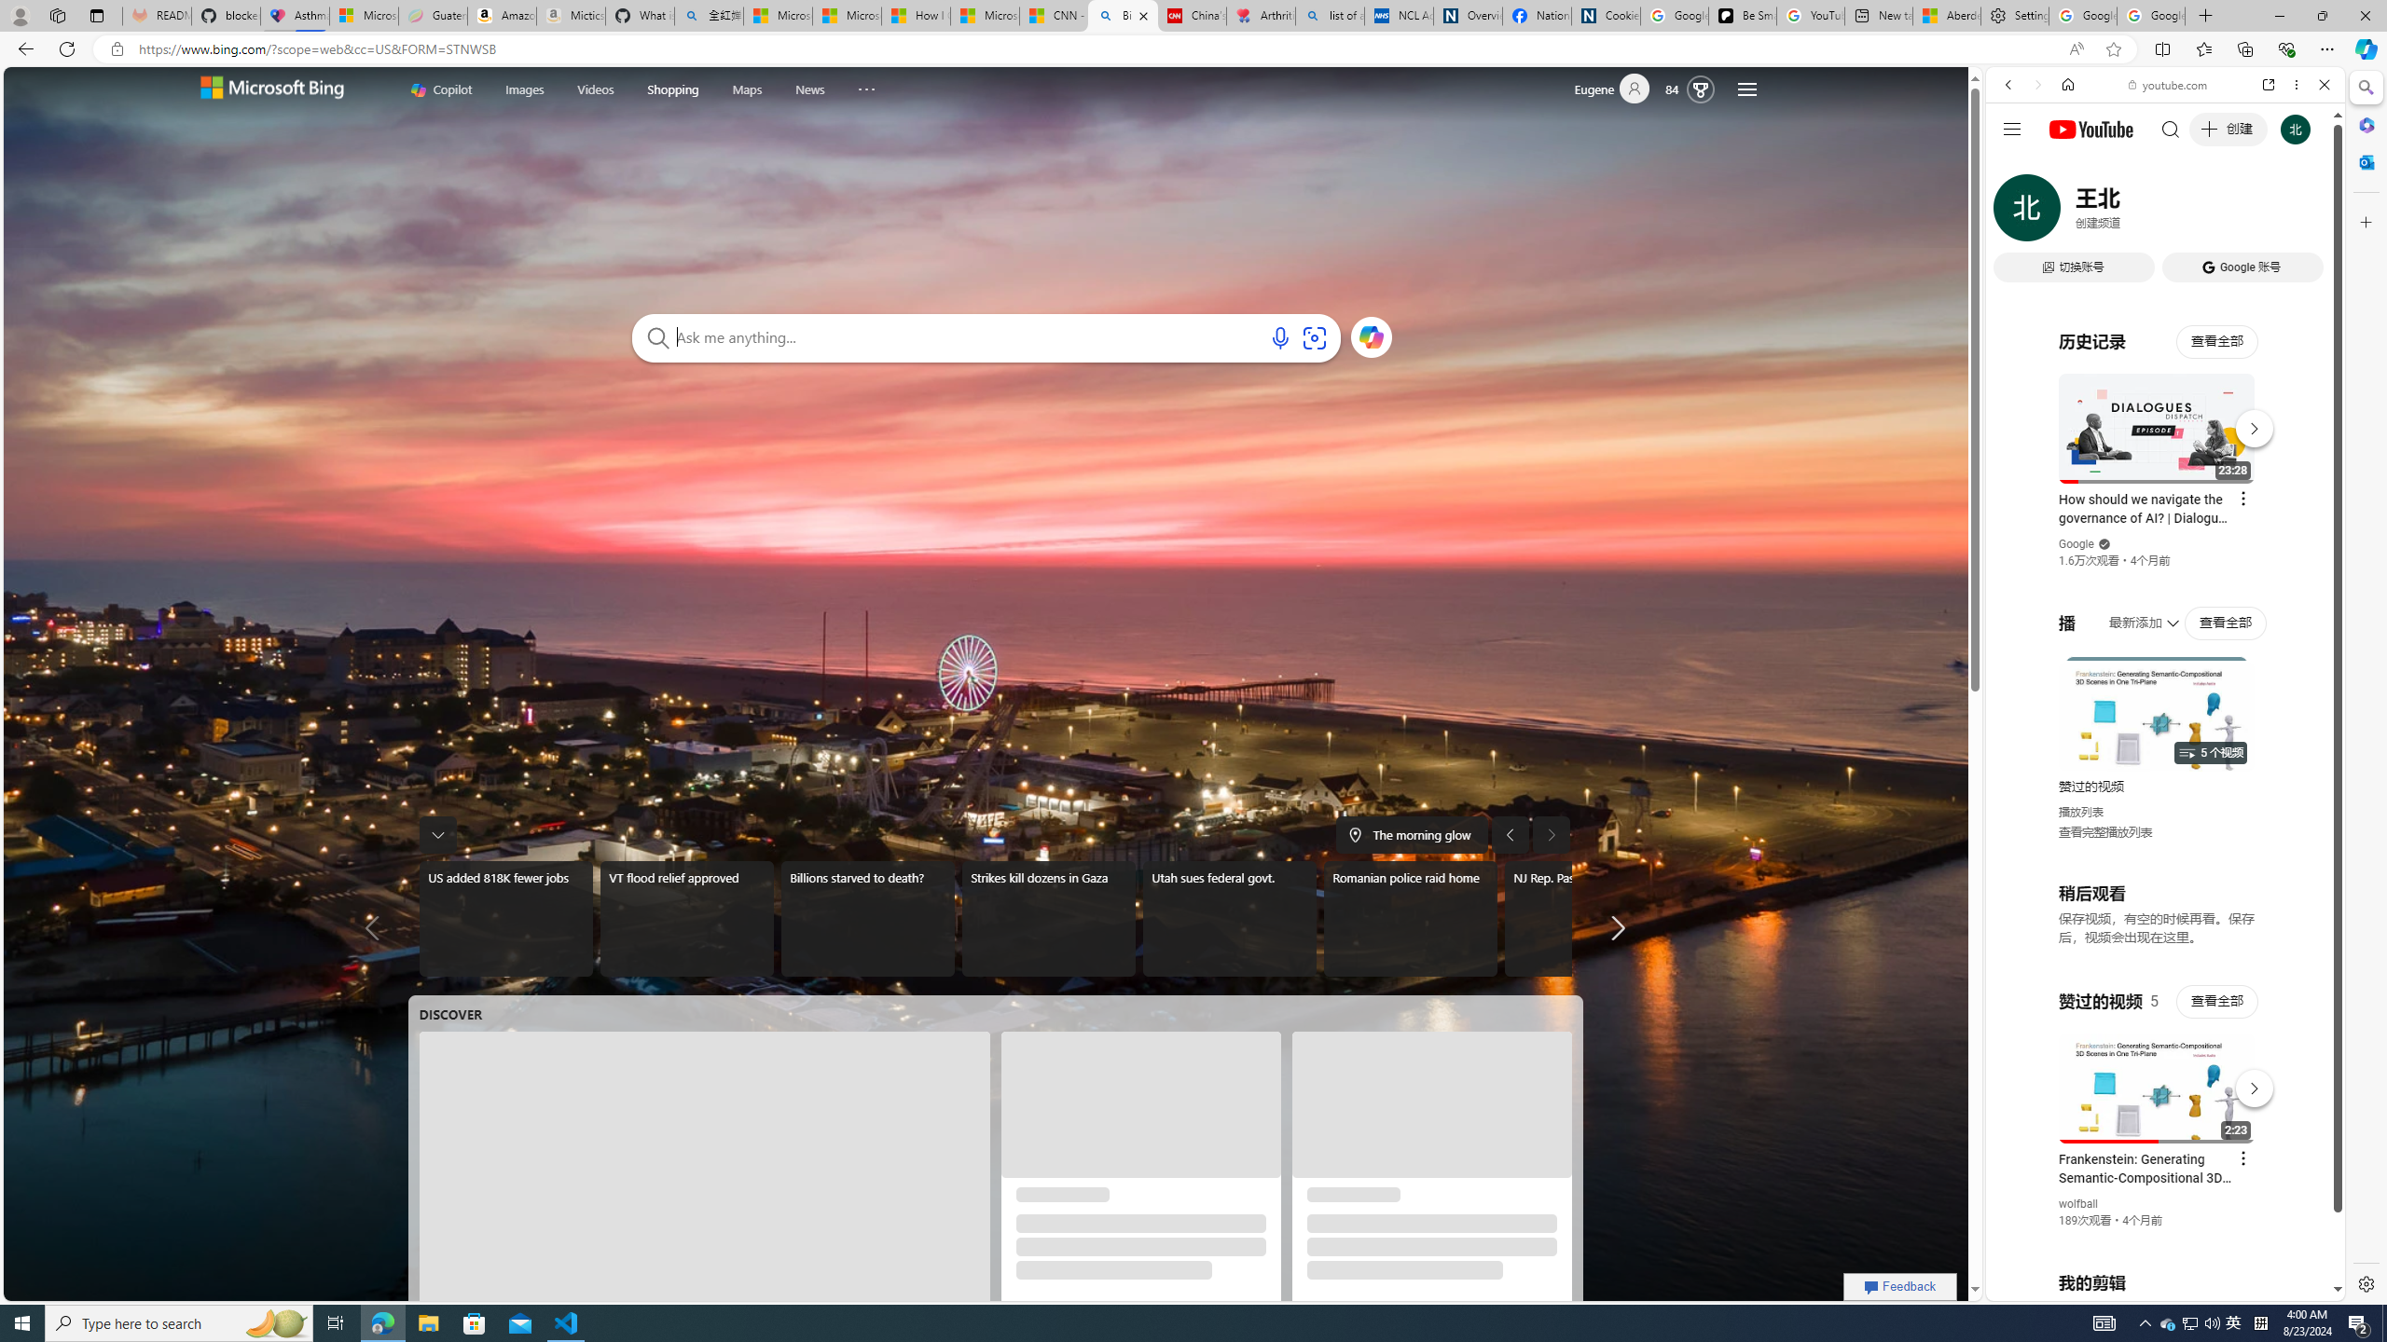 The height and width of the screenshot is (1342, 2387). What do you see at coordinates (2278, 508) in the screenshot?
I see `'Show More Music'` at bounding box center [2278, 508].